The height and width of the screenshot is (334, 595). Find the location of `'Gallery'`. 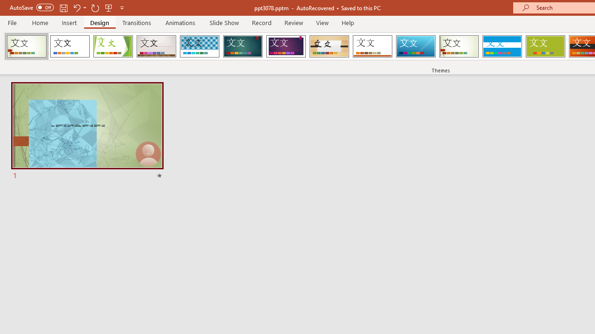

'Gallery' is located at coordinates (156, 46).